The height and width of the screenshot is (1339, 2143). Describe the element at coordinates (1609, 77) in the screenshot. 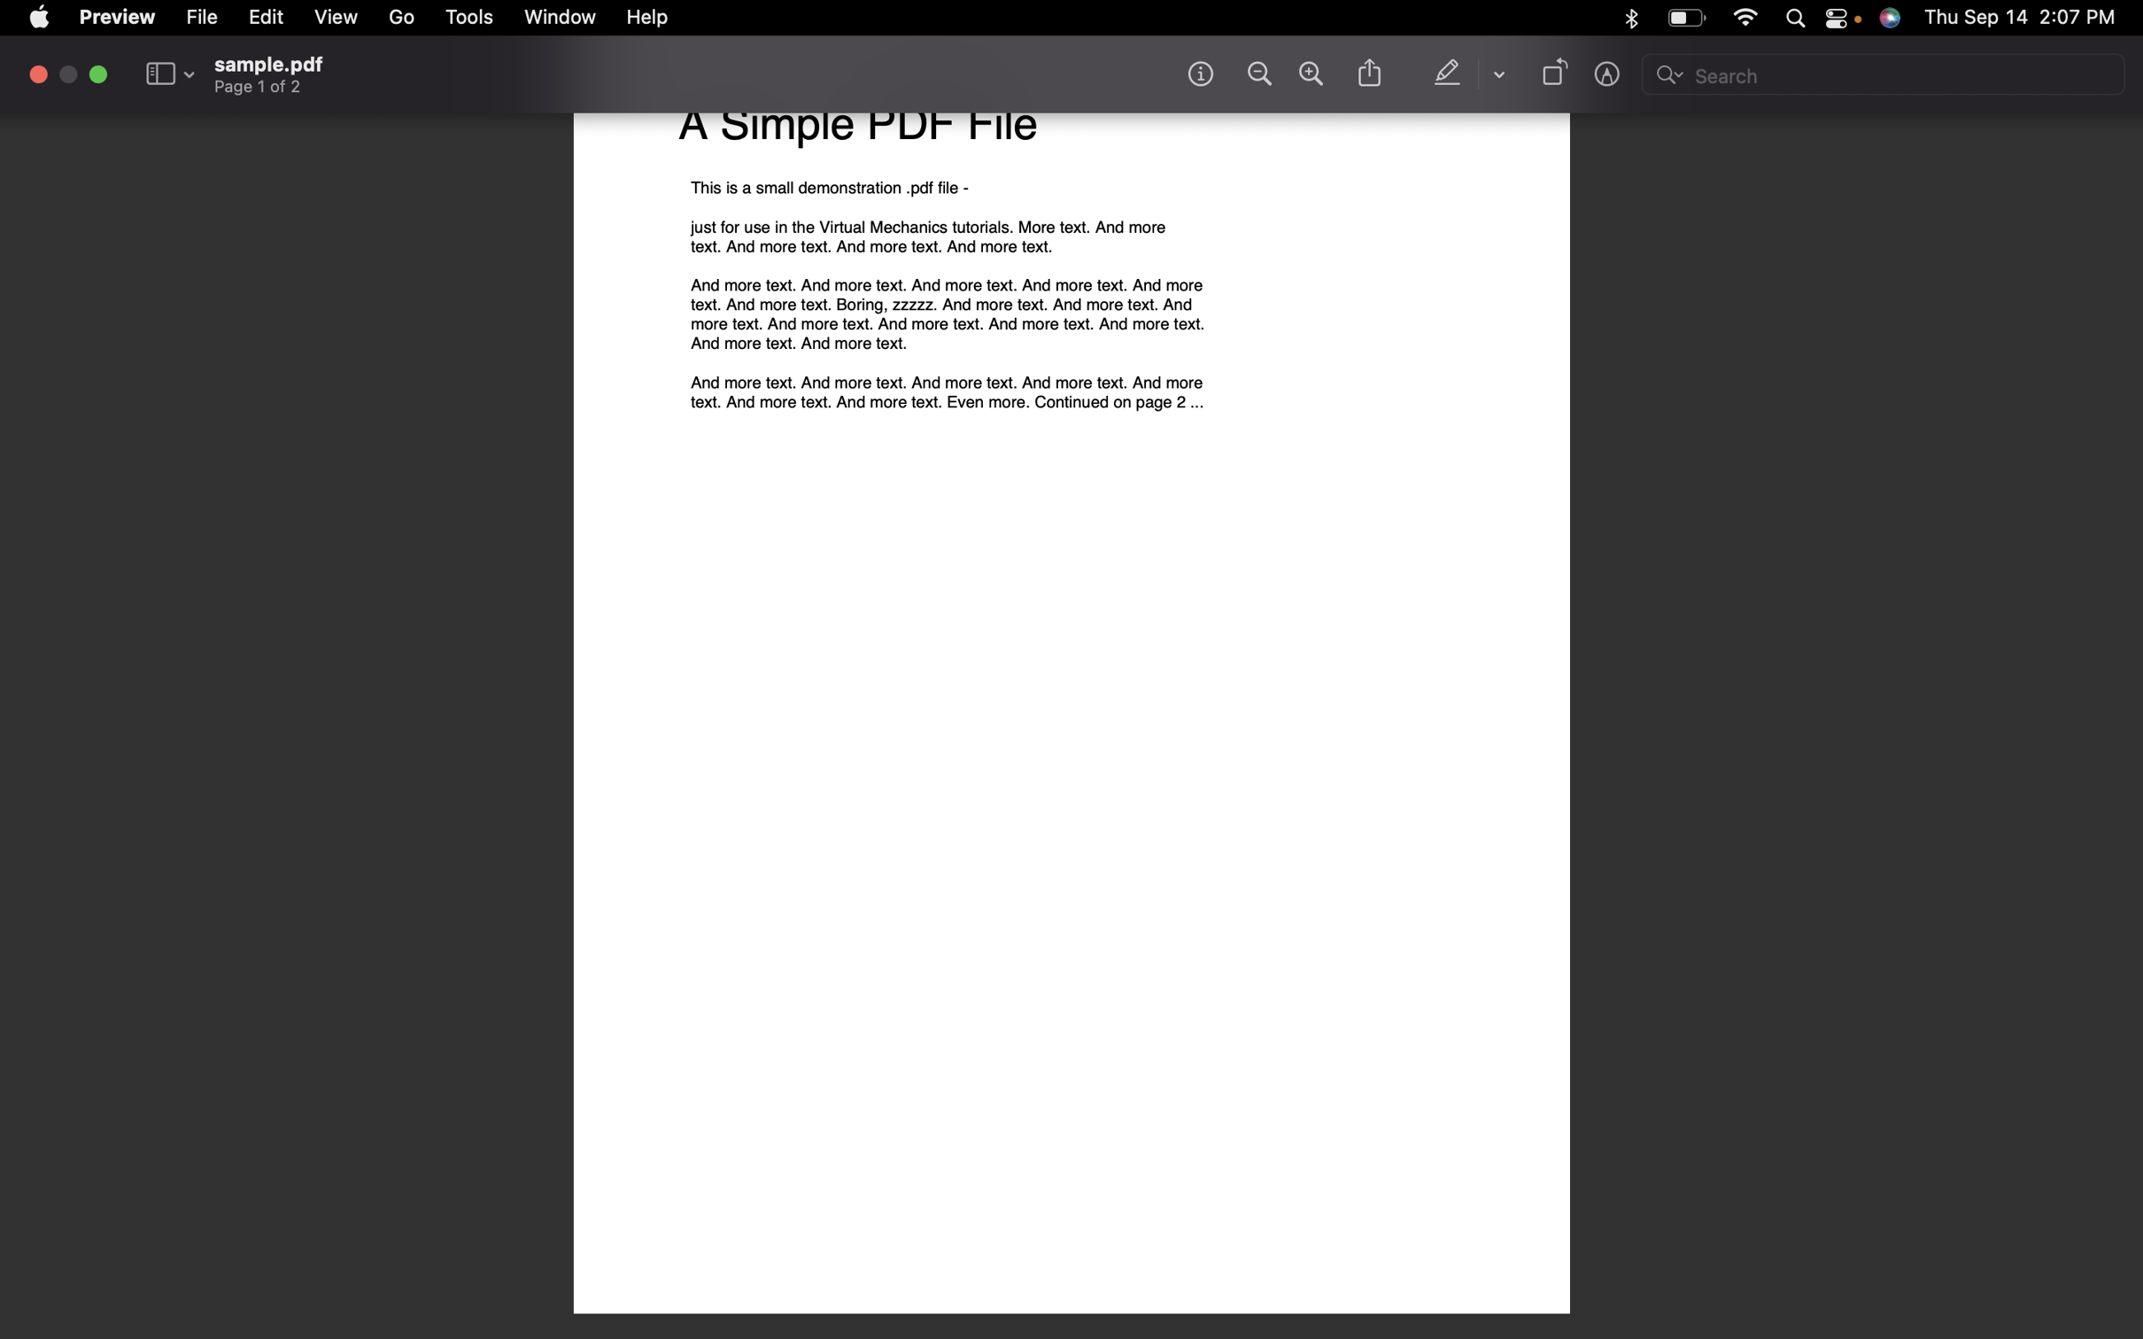

I see `Show the markup toolbar` at that location.